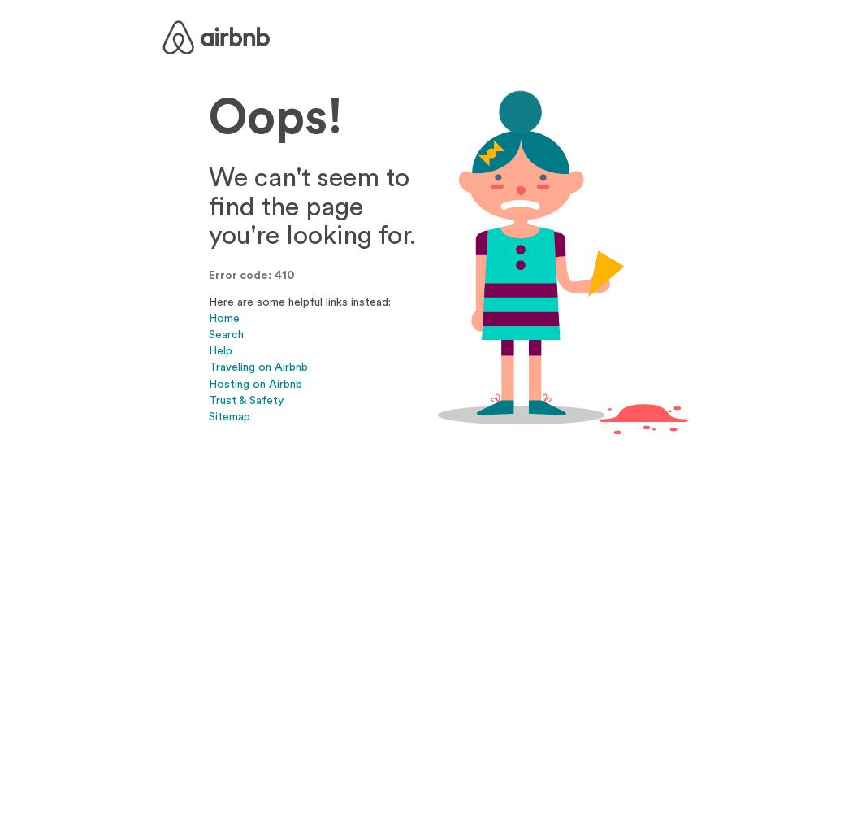 Image resolution: width=853 pixels, height=813 pixels. What do you see at coordinates (275, 115) in the screenshot?
I see `'Oops!'` at bounding box center [275, 115].